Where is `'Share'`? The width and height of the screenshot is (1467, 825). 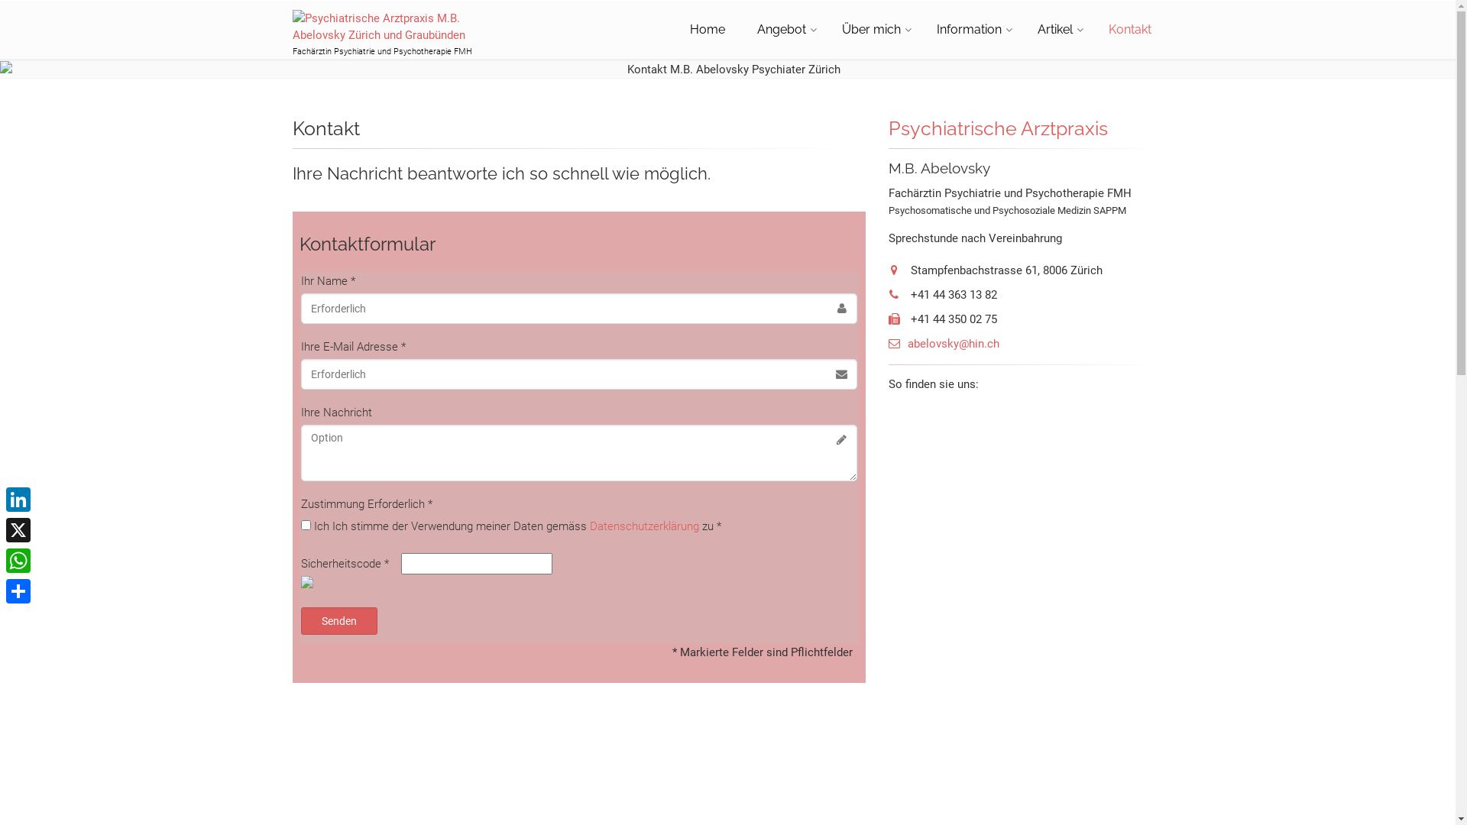 'Share' is located at coordinates (18, 590).